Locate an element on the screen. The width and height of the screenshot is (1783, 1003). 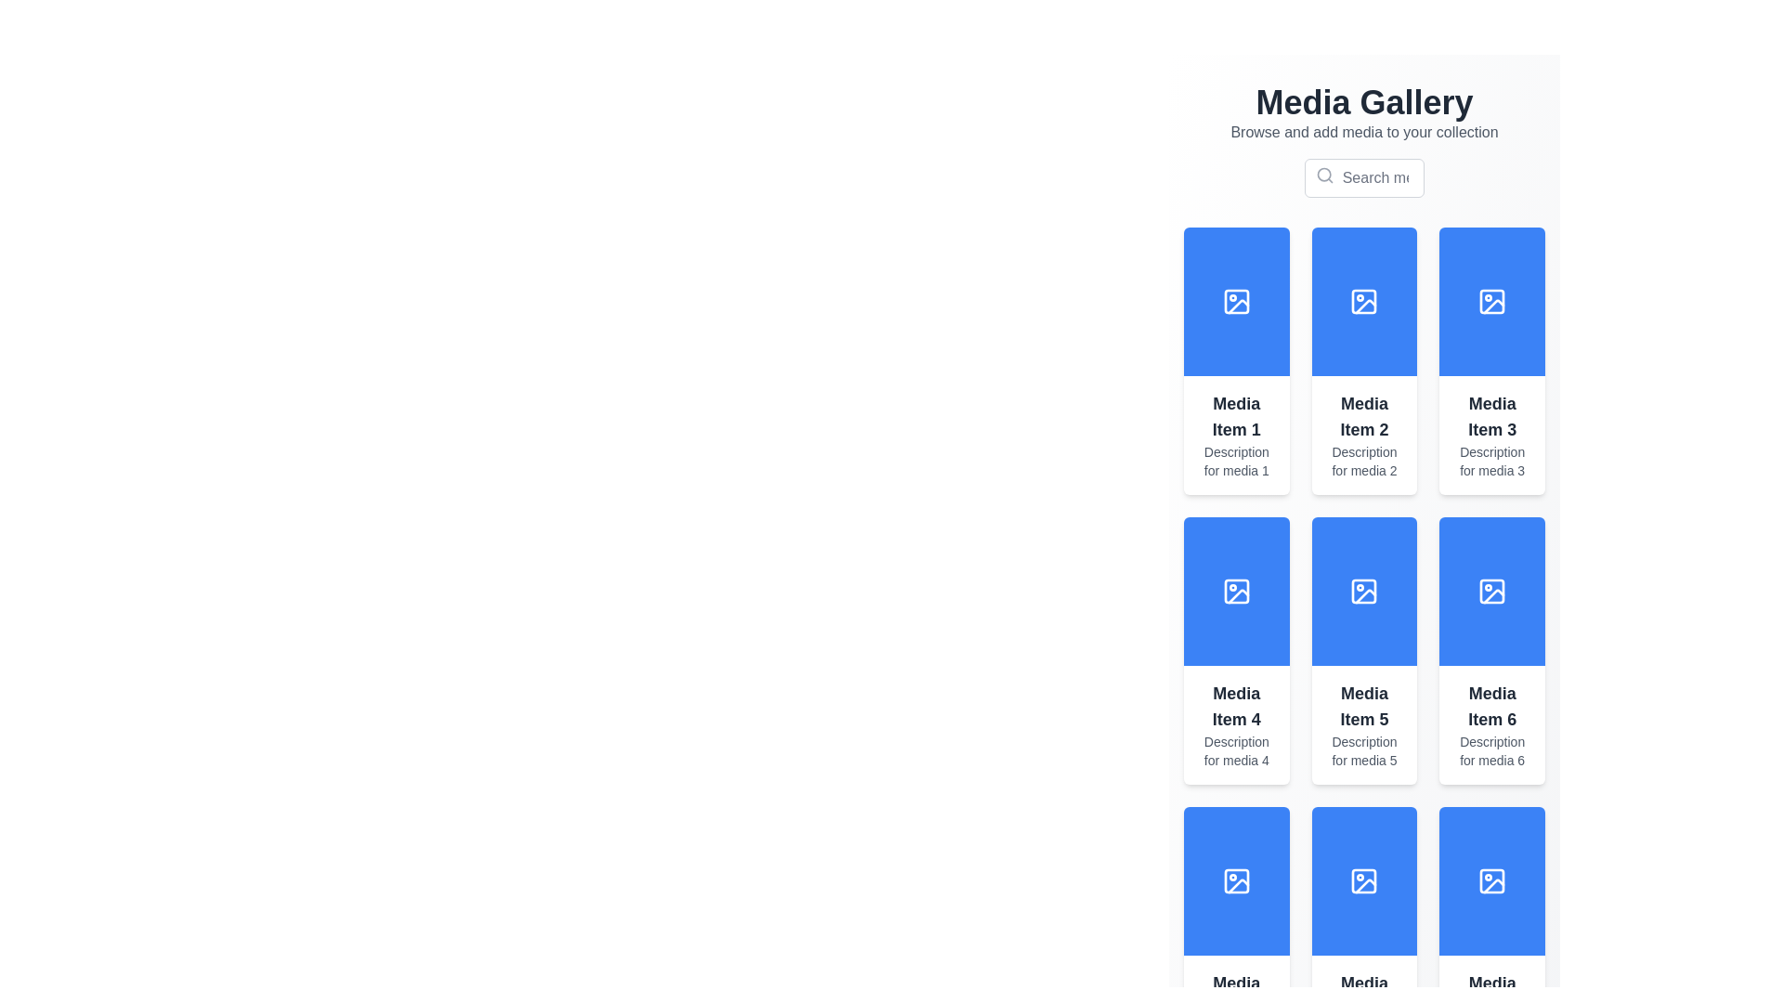
the icon depicting an image outline, styled with white strokes, located within the blue square header of the card labeled 'Media Item 4' is located at coordinates (1236, 591).